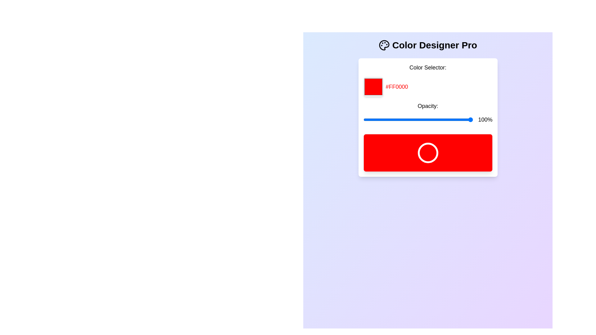 Image resolution: width=596 pixels, height=335 pixels. I want to click on the opacity slider, so click(436, 119).